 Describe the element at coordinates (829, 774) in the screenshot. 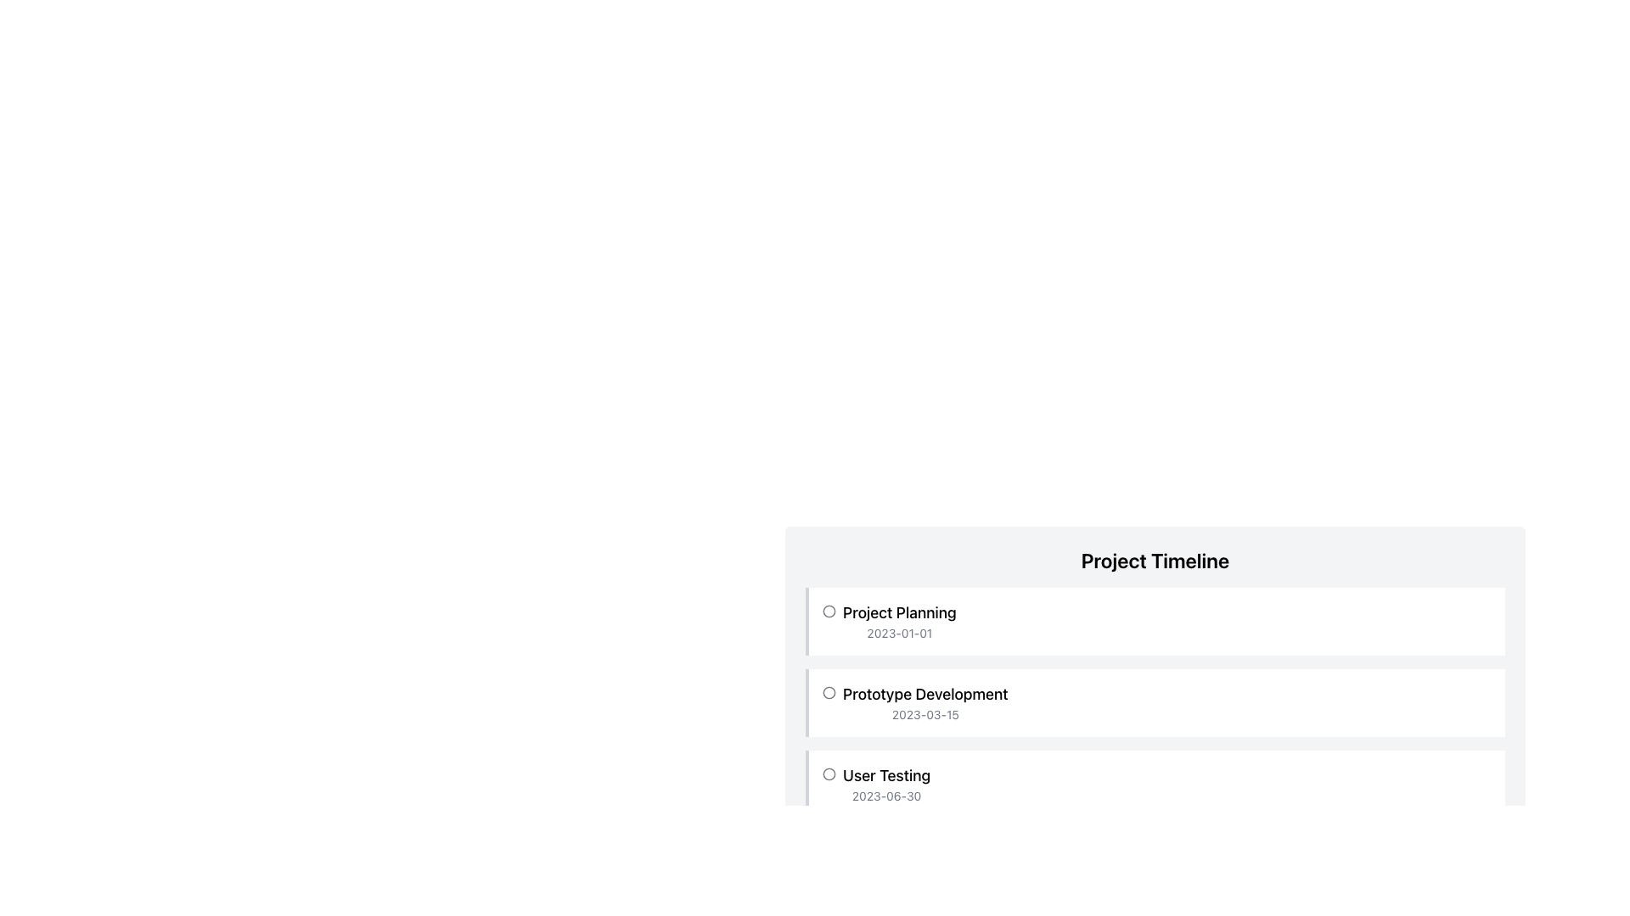

I see `the Circle Icon adjacent to the 'User Testing' label in the timeline interface` at that location.